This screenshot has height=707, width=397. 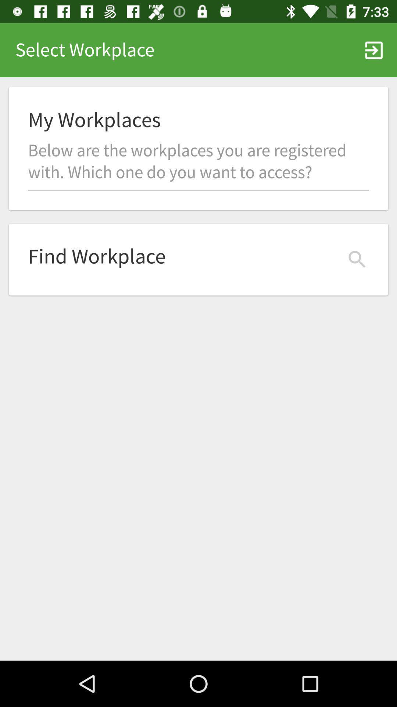 I want to click on icon next to select workplace icon, so click(x=374, y=50).